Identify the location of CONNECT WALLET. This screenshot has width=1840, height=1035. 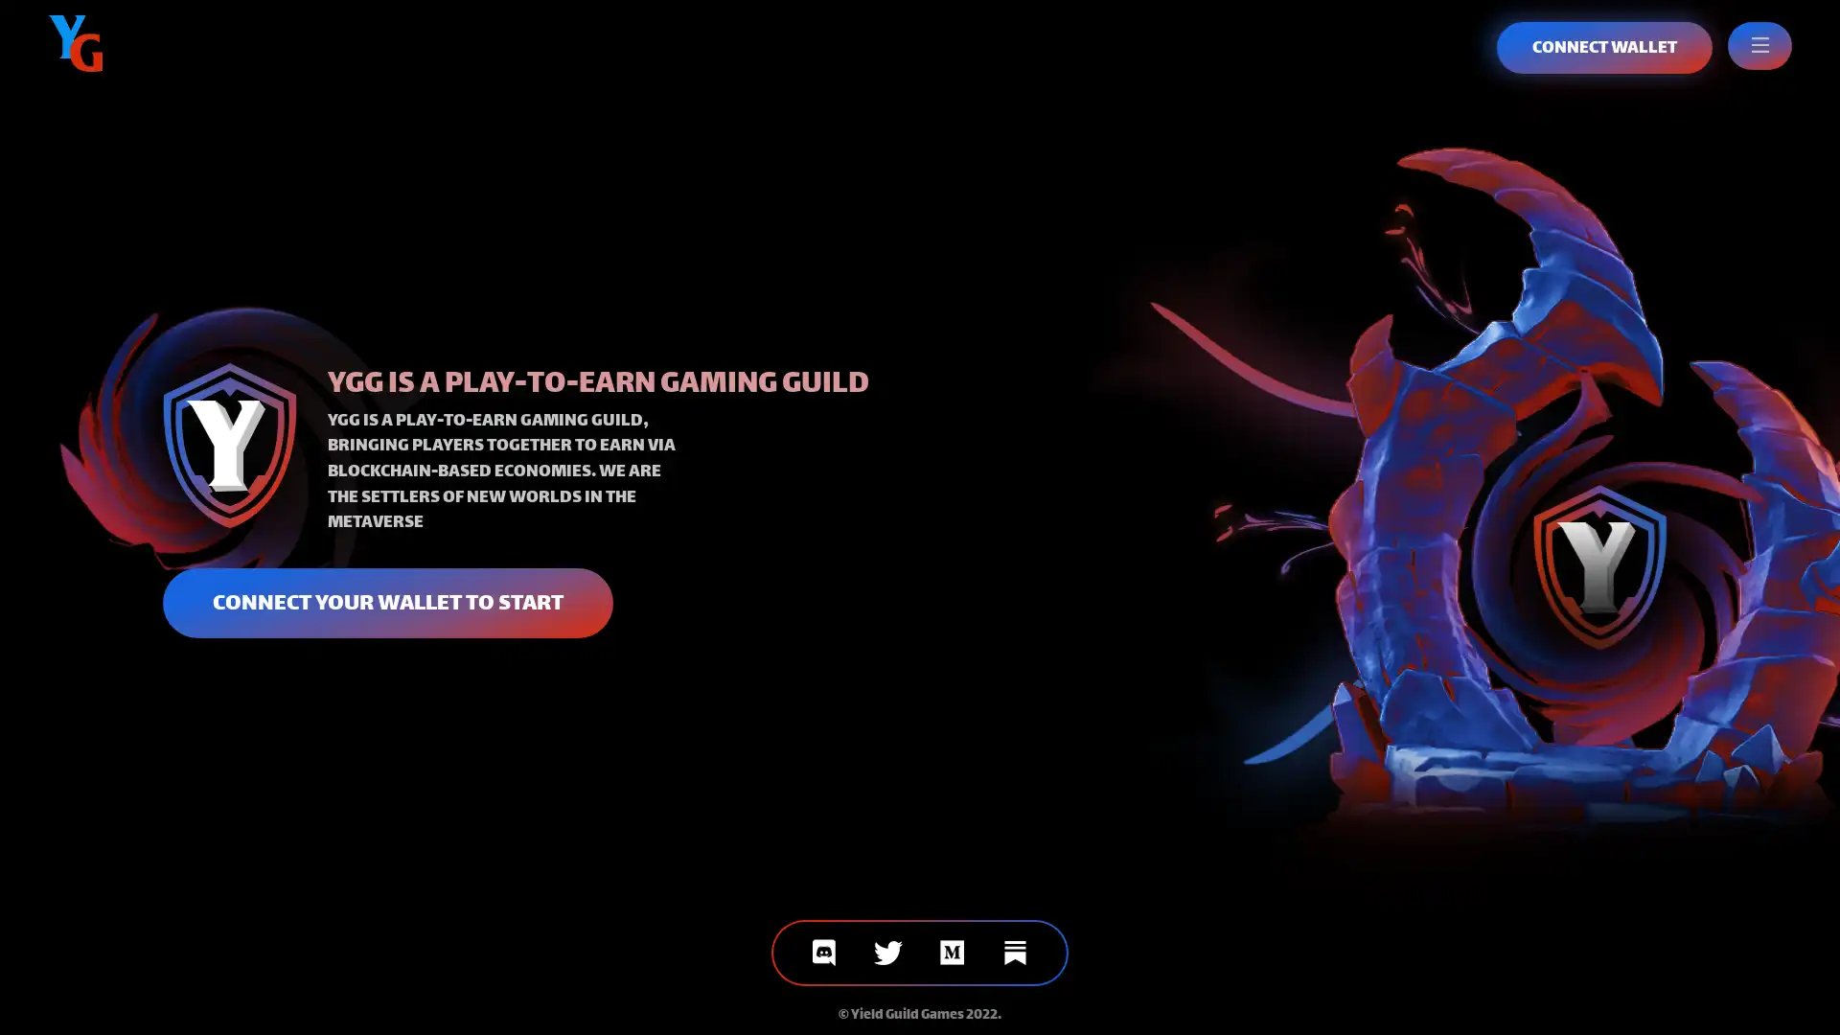
(1604, 47).